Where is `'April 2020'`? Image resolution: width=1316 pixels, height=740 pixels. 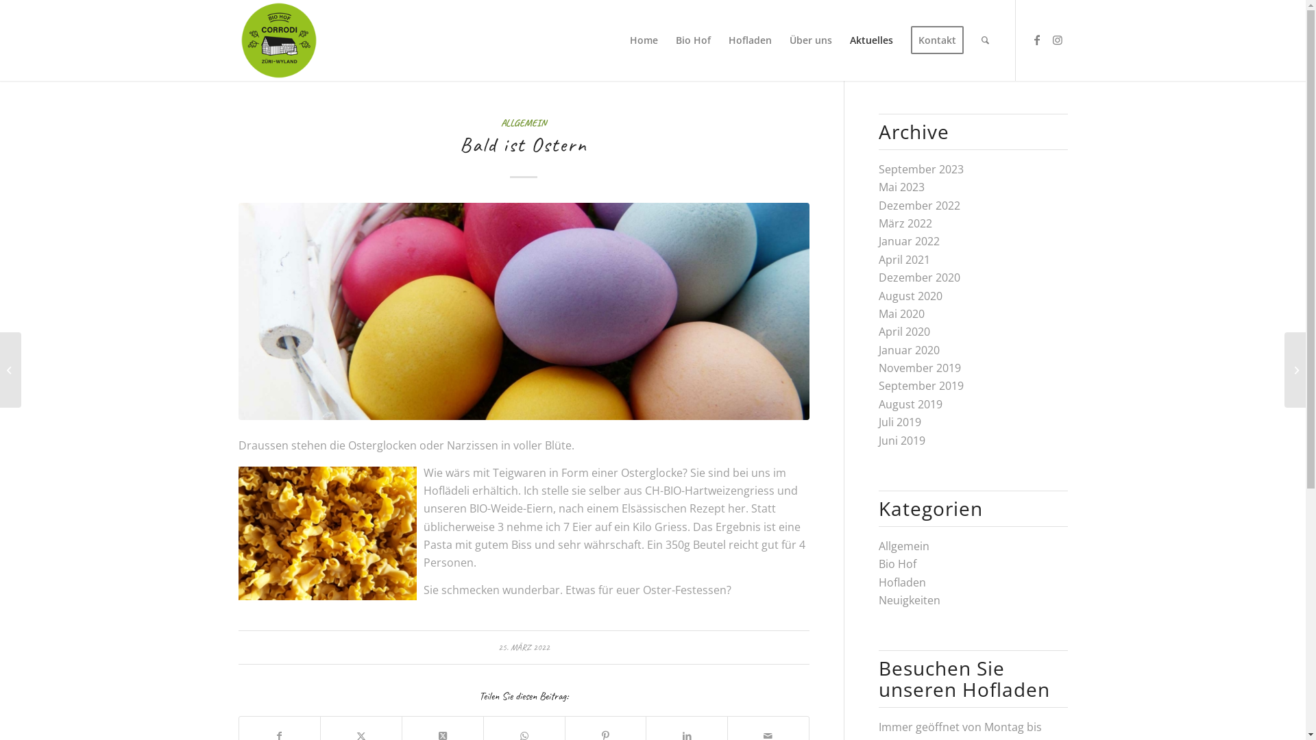 'April 2020' is located at coordinates (878, 331).